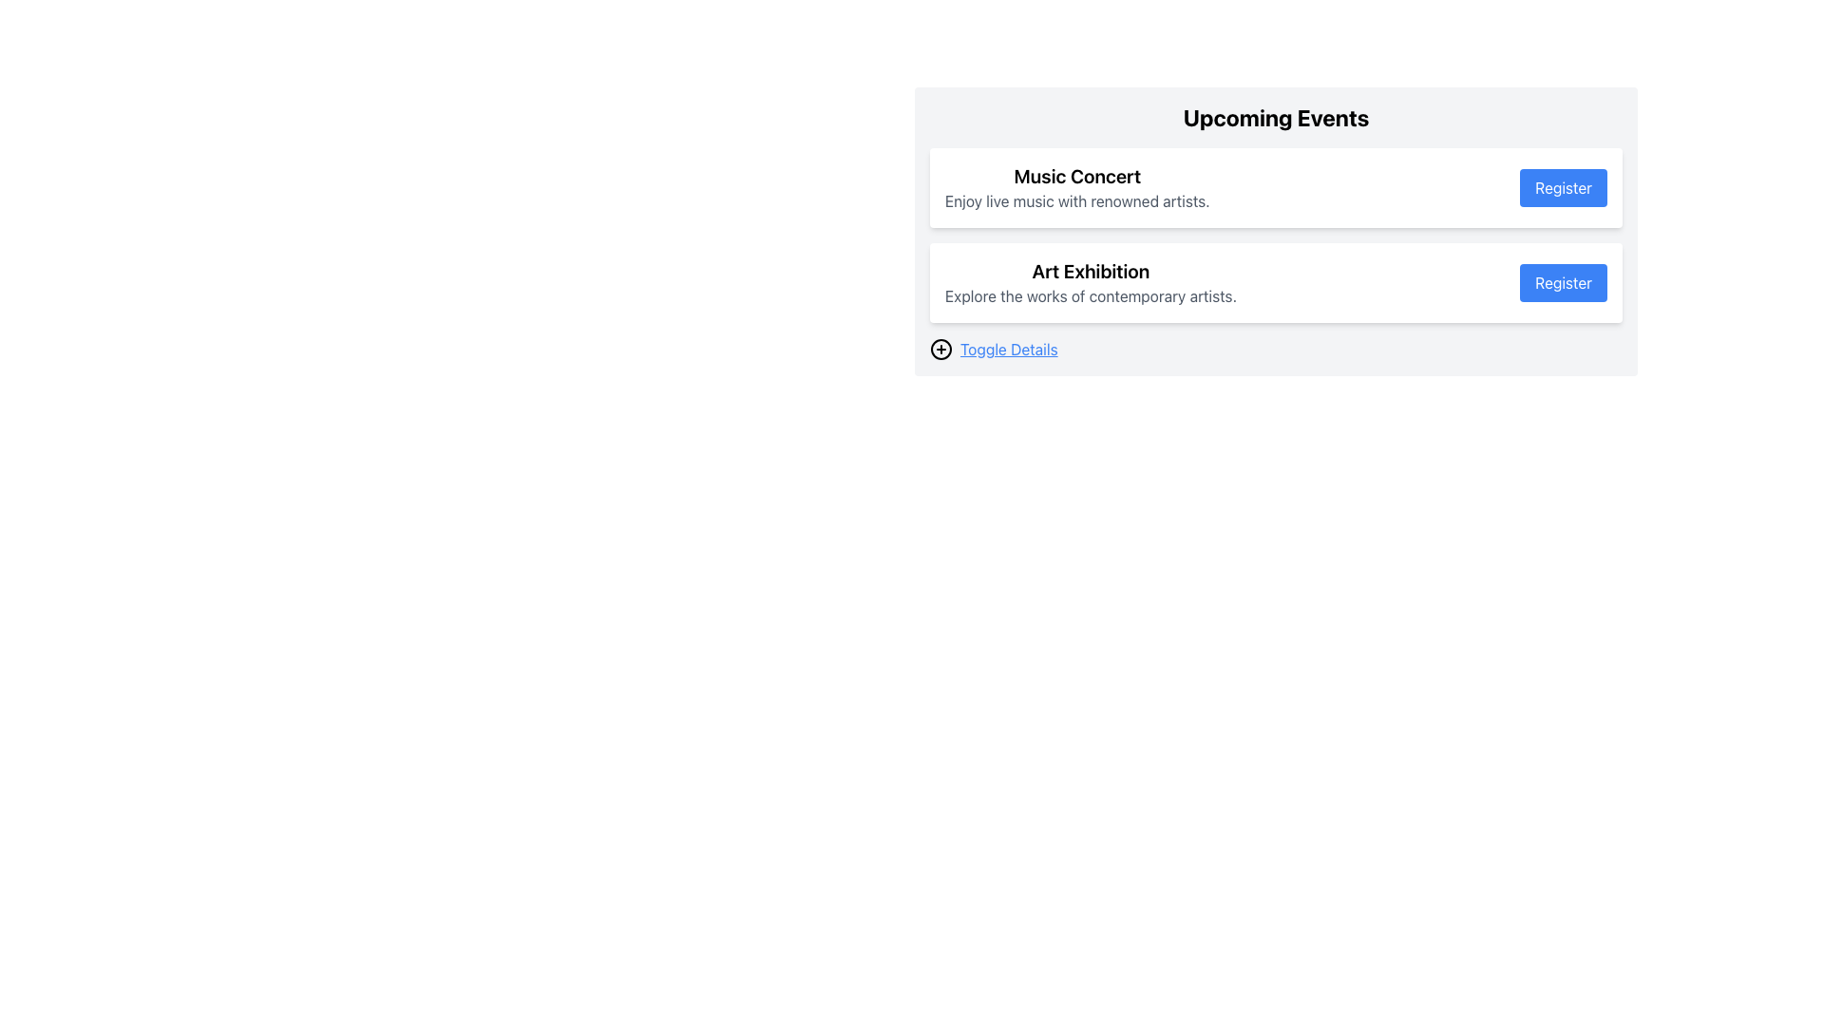 This screenshot has width=1824, height=1026. Describe the element at coordinates (1008, 349) in the screenshot. I see `the 'Toggle Details' hyperlink located at the bottom left of the 'Upcoming Events' section` at that location.